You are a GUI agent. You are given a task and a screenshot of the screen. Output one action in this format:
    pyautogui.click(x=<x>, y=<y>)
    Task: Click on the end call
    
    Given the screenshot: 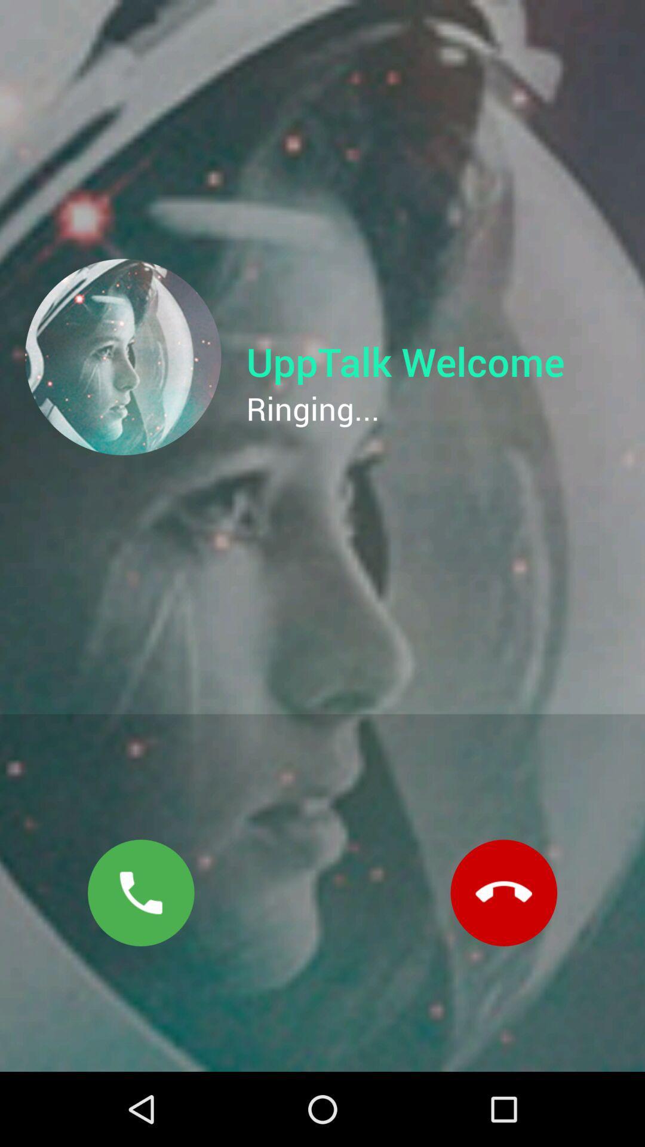 What is the action you would take?
    pyautogui.click(x=503, y=893)
    